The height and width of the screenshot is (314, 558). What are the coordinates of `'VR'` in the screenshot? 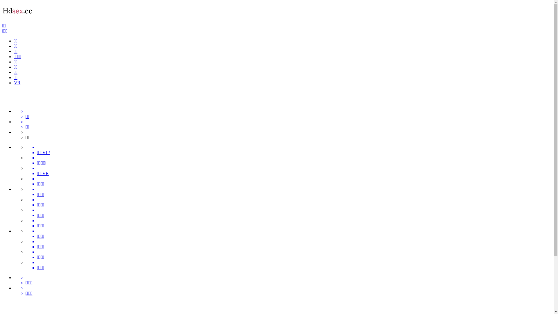 It's located at (14, 83).